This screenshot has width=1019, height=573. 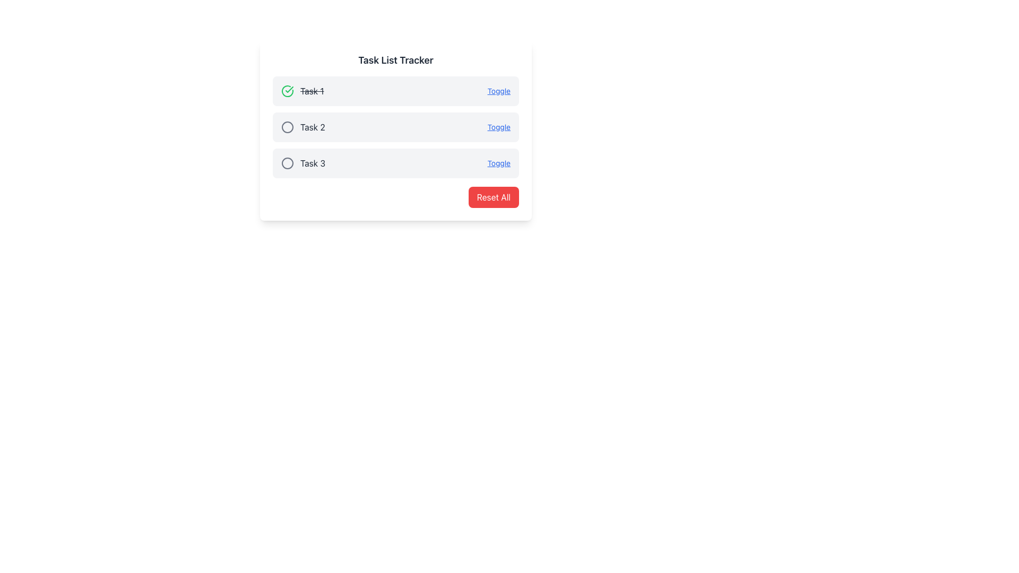 What do you see at coordinates (493, 197) in the screenshot?
I see `the 'Reset All' button located at the bottom-right section of the task-related information to reset all tasks` at bounding box center [493, 197].